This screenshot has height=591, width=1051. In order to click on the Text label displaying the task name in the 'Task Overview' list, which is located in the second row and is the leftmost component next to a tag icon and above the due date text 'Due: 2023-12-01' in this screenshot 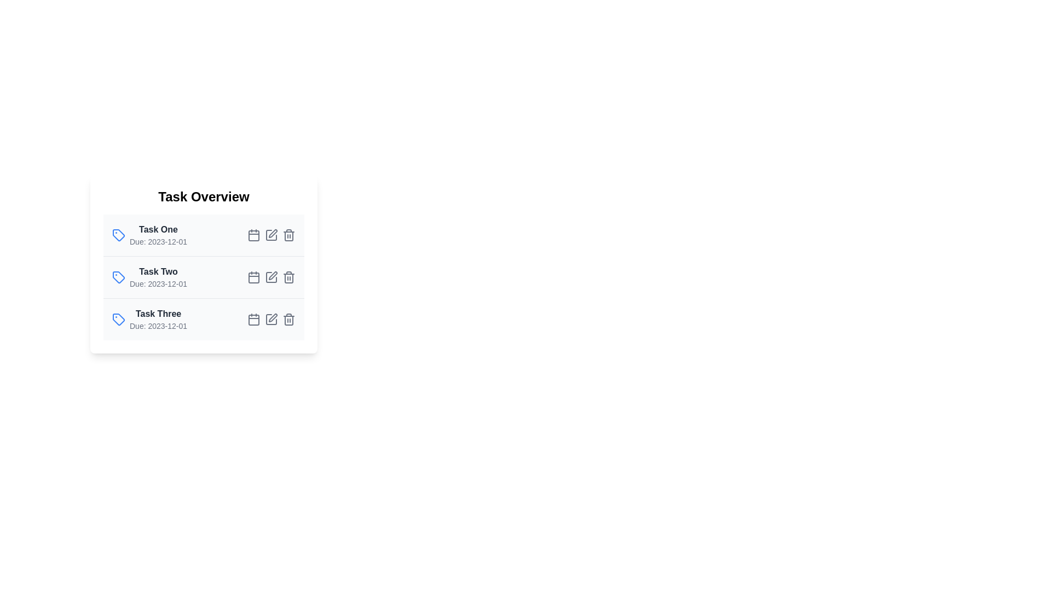, I will do `click(158, 271)`.